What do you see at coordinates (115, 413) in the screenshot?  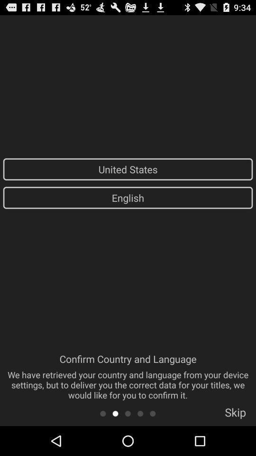 I see `move to second page` at bounding box center [115, 413].